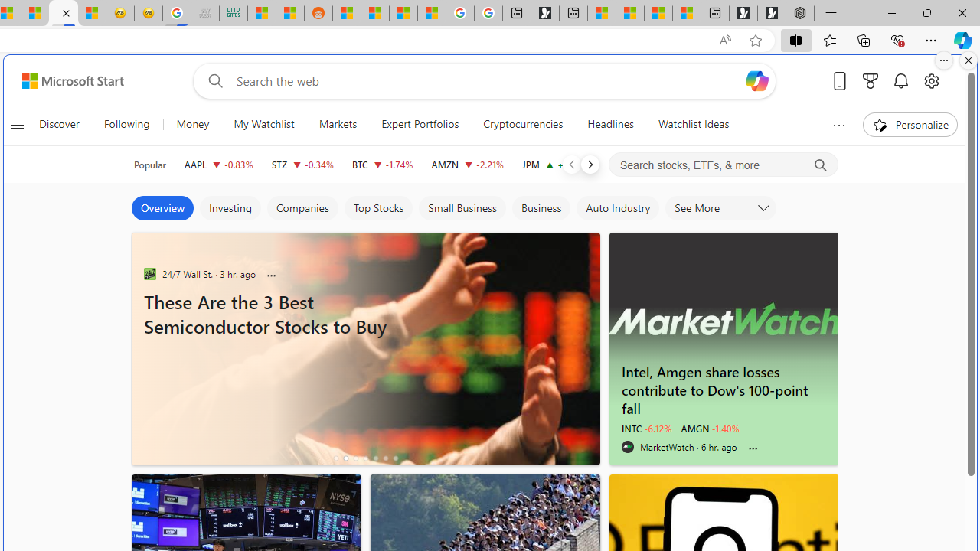 Image resolution: width=980 pixels, height=551 pixels. I want to click on 'Open navigation menu', so click(17, 124).